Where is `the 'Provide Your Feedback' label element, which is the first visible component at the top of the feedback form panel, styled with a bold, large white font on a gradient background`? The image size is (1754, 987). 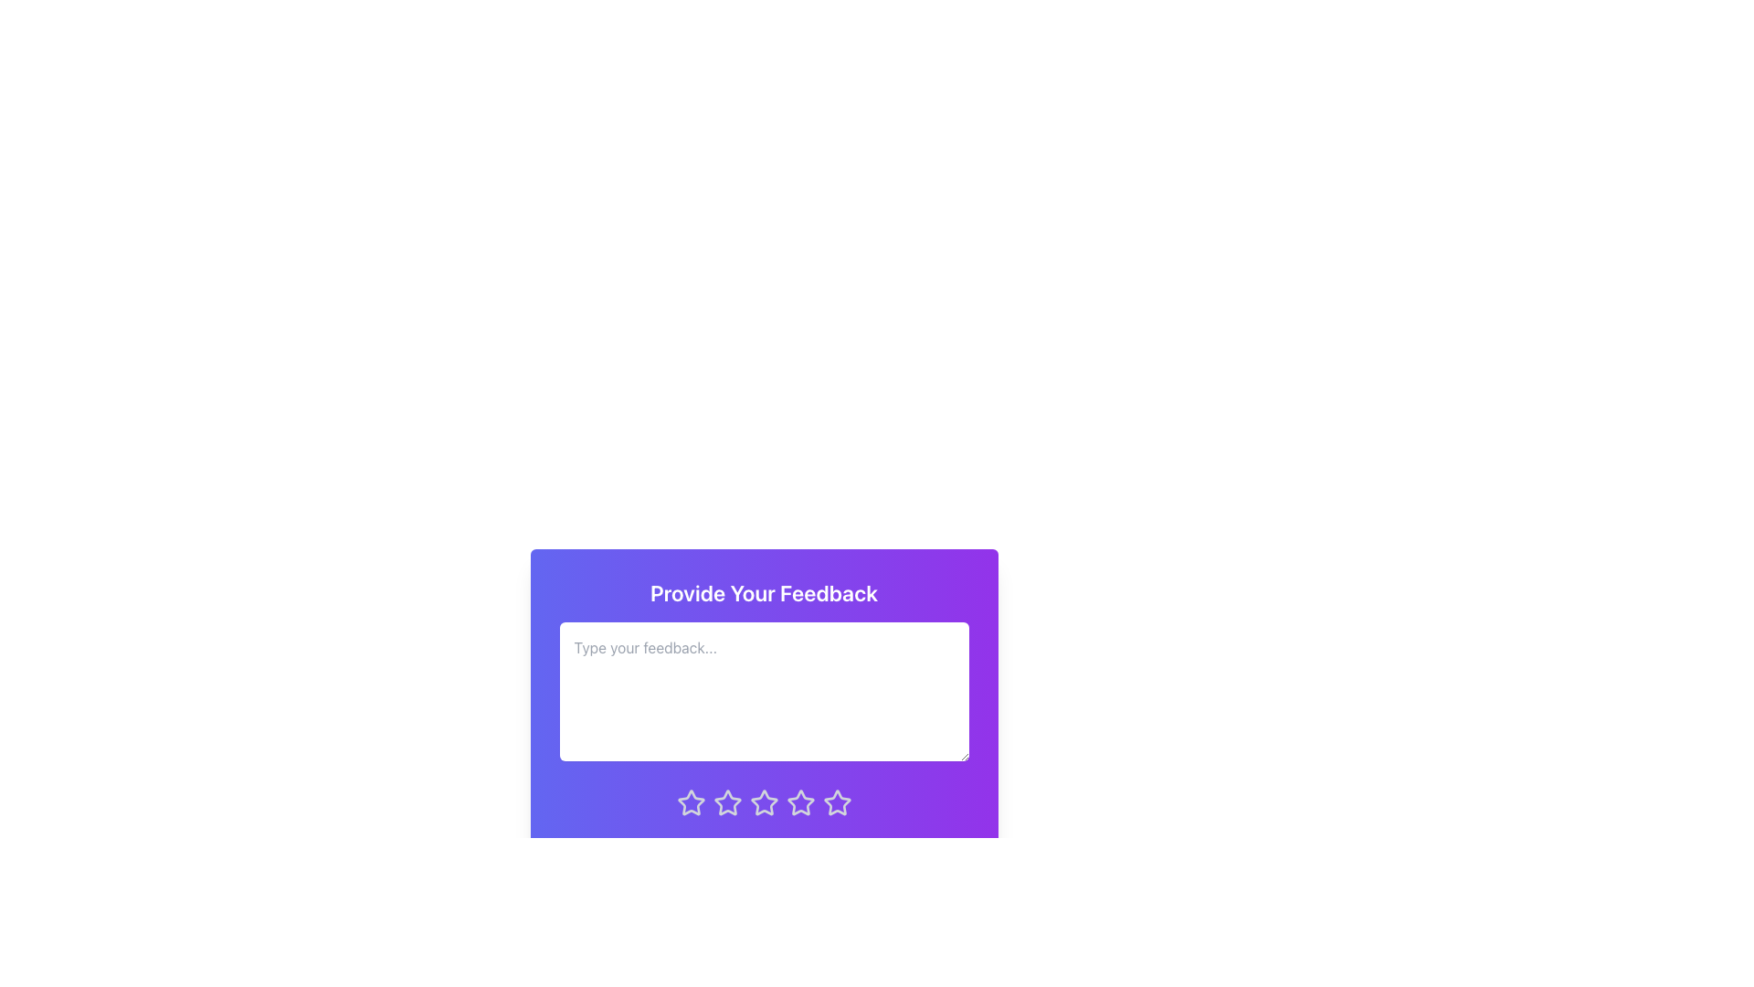
the 'Provide Your Feedback' label element, which is the first visible component at the top of the feedback form panel, styled with a bold, large white font on a gradient background is located at coordinates (764, 592).